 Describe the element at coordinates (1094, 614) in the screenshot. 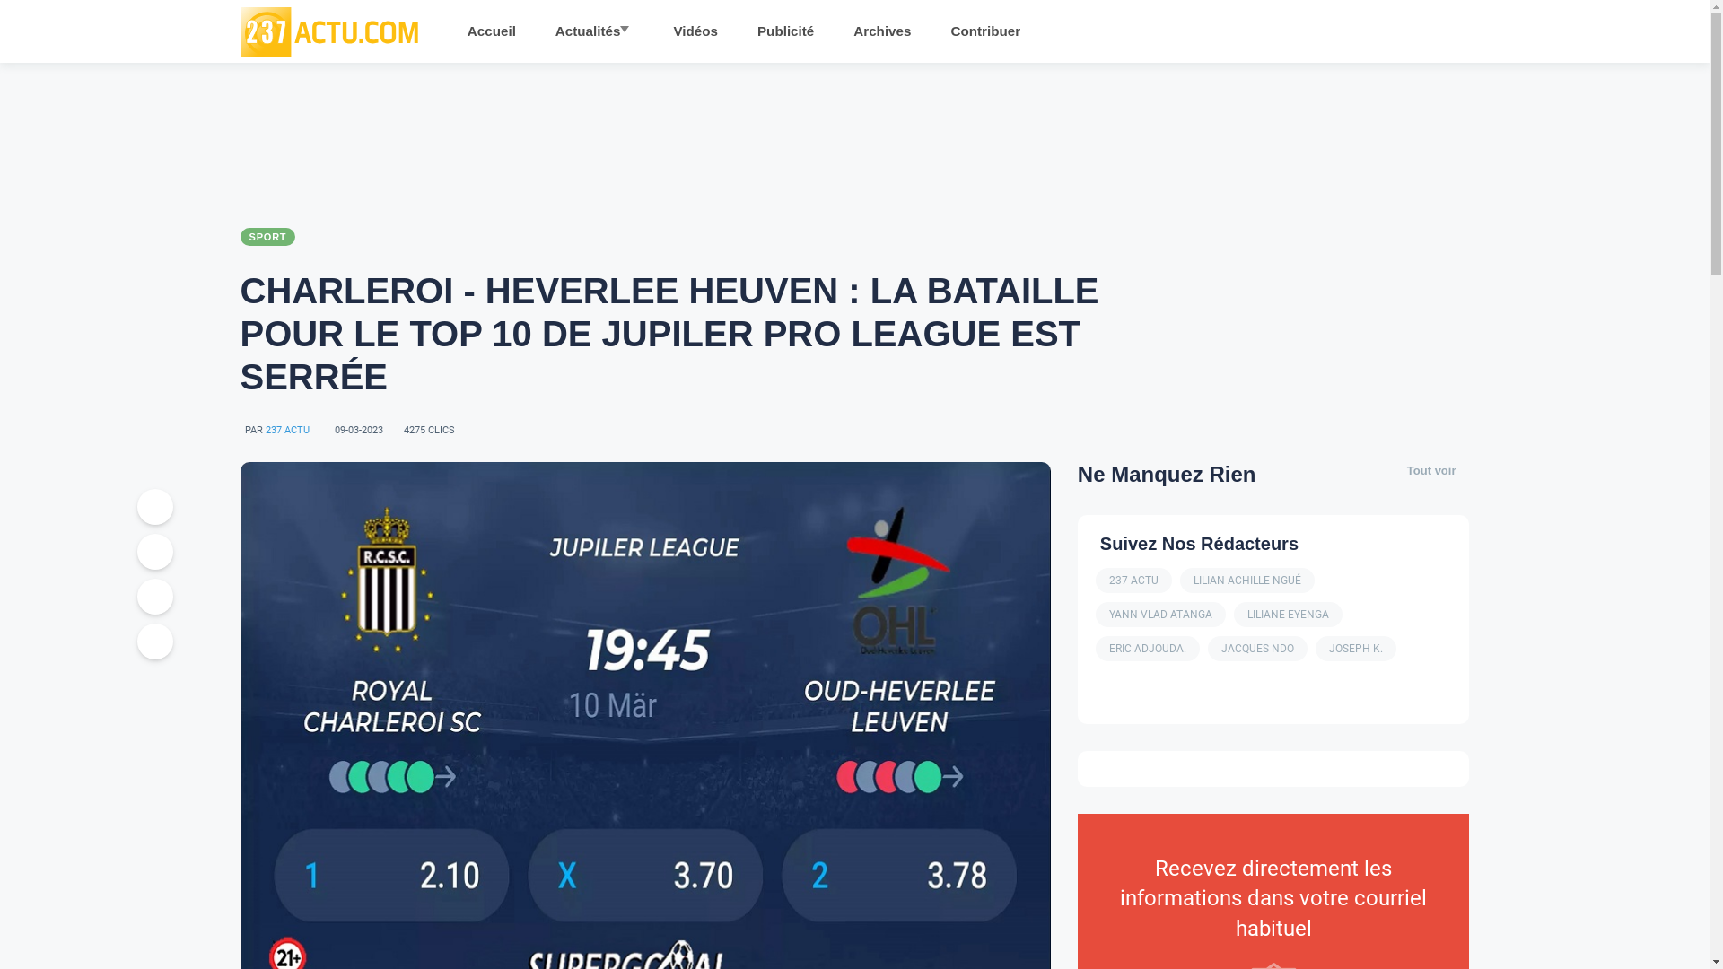

I see `'YANN VLAD ATANGA'` at that location.